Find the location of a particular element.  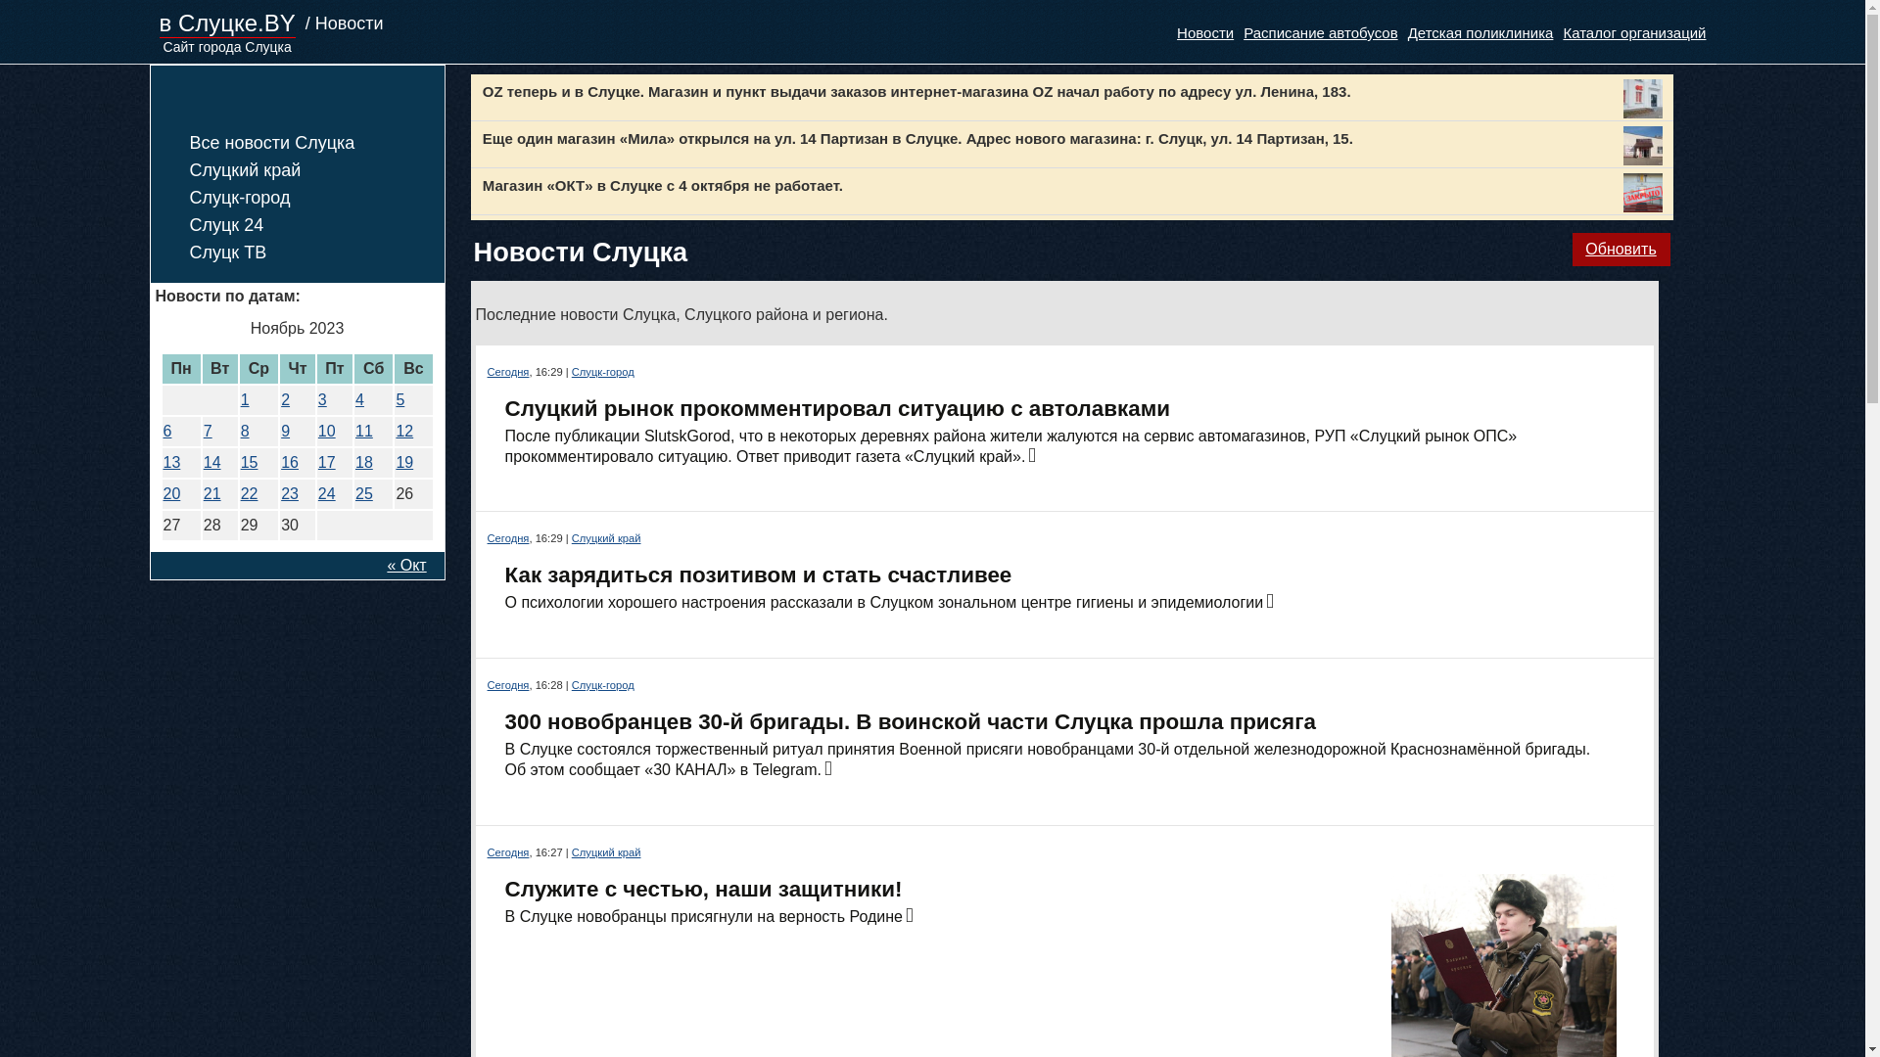

'12' is located at coordinates (402, 430).